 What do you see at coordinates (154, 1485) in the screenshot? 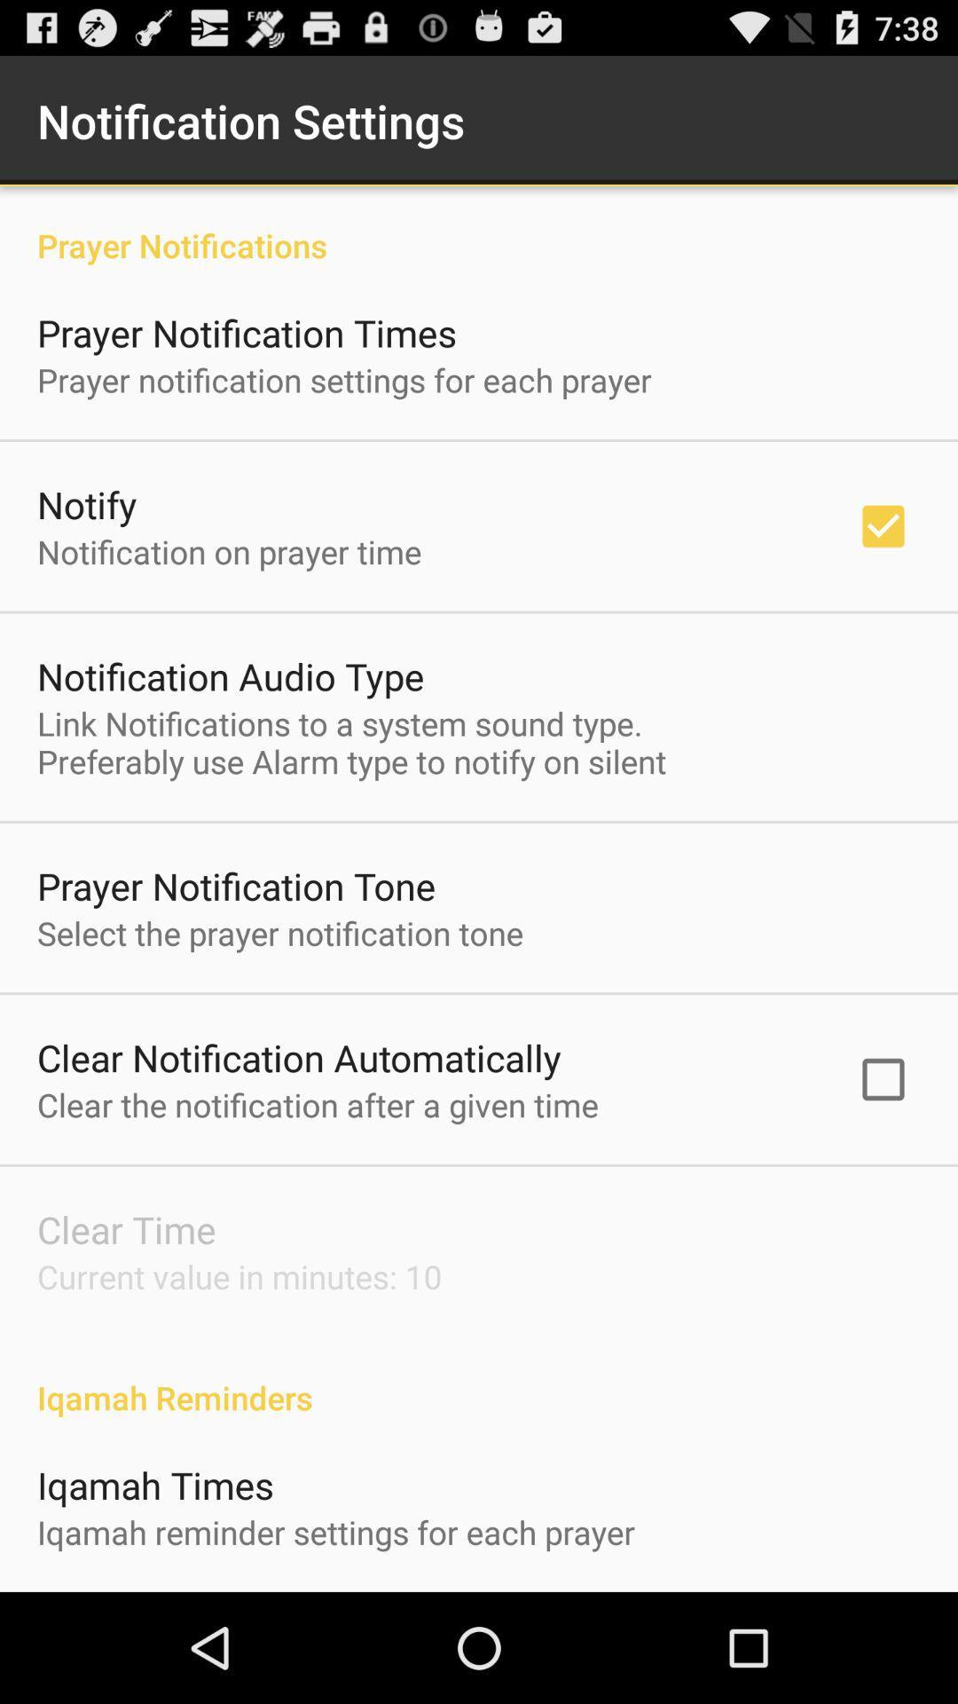
I see `iqamah times app` at bounding box center [154, 1485].